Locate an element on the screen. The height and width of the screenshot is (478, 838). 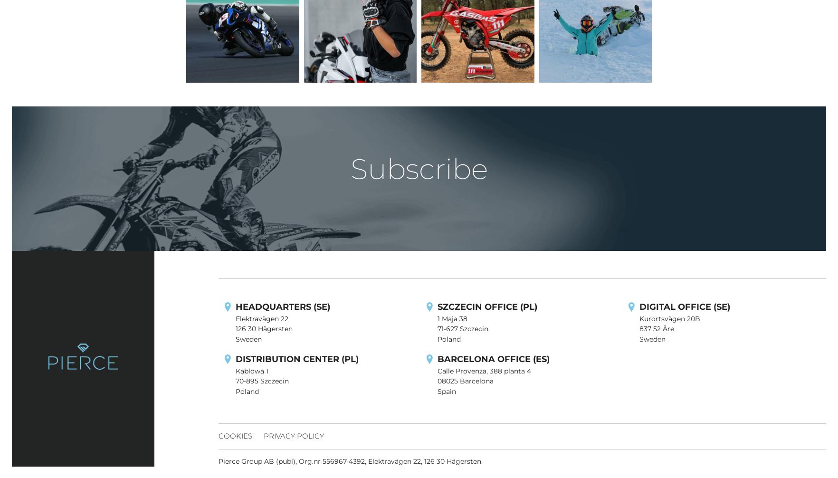
'Cookies' is located at coordinates (235, 435).